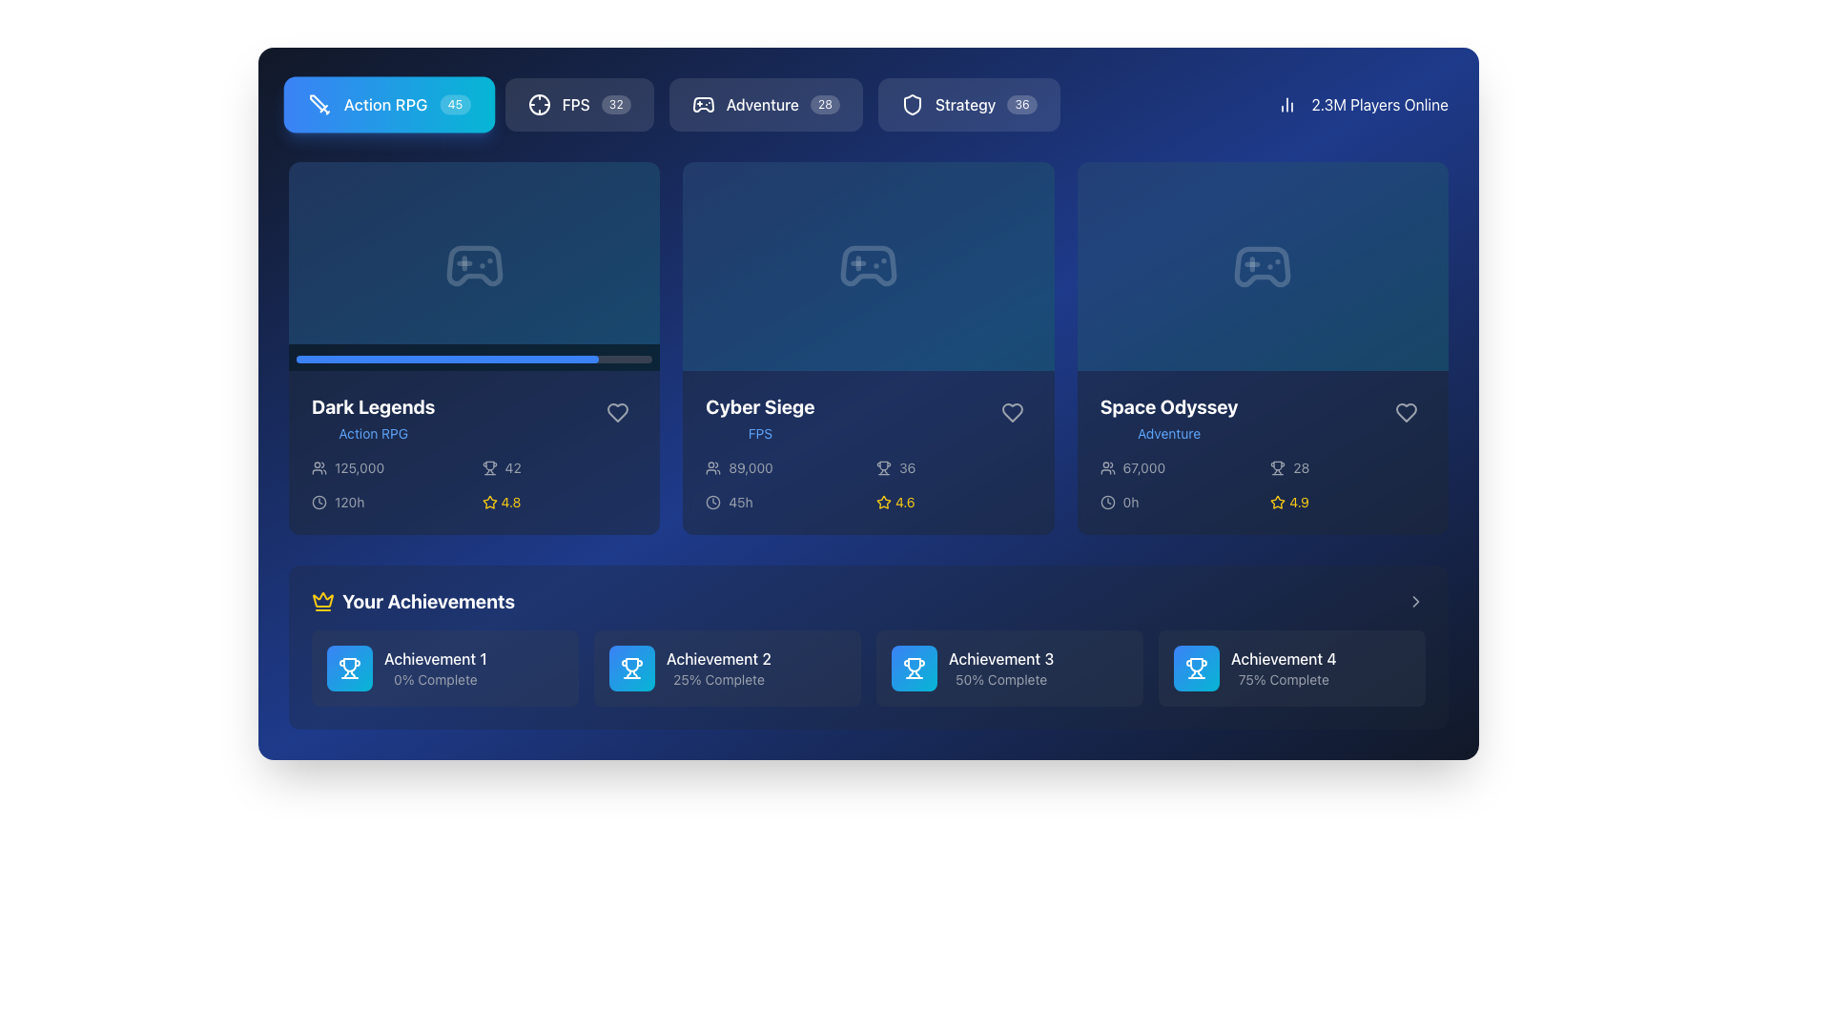  I want to click on the progress bar located at the bottom of the card layout representing the game, which has a gray base and a blue filled section indicating 85% progress, so click(474, 357).